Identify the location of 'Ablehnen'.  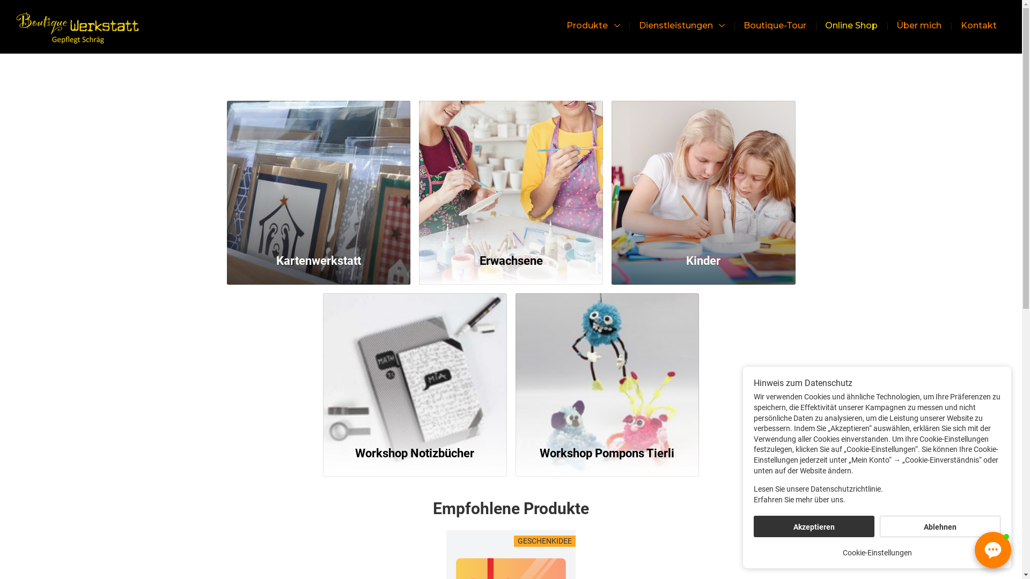
(939, 526).